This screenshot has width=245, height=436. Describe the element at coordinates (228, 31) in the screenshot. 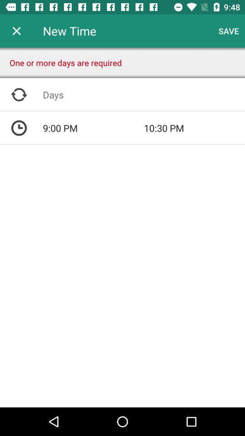

I see `item to the right of the new time icon` at that location.